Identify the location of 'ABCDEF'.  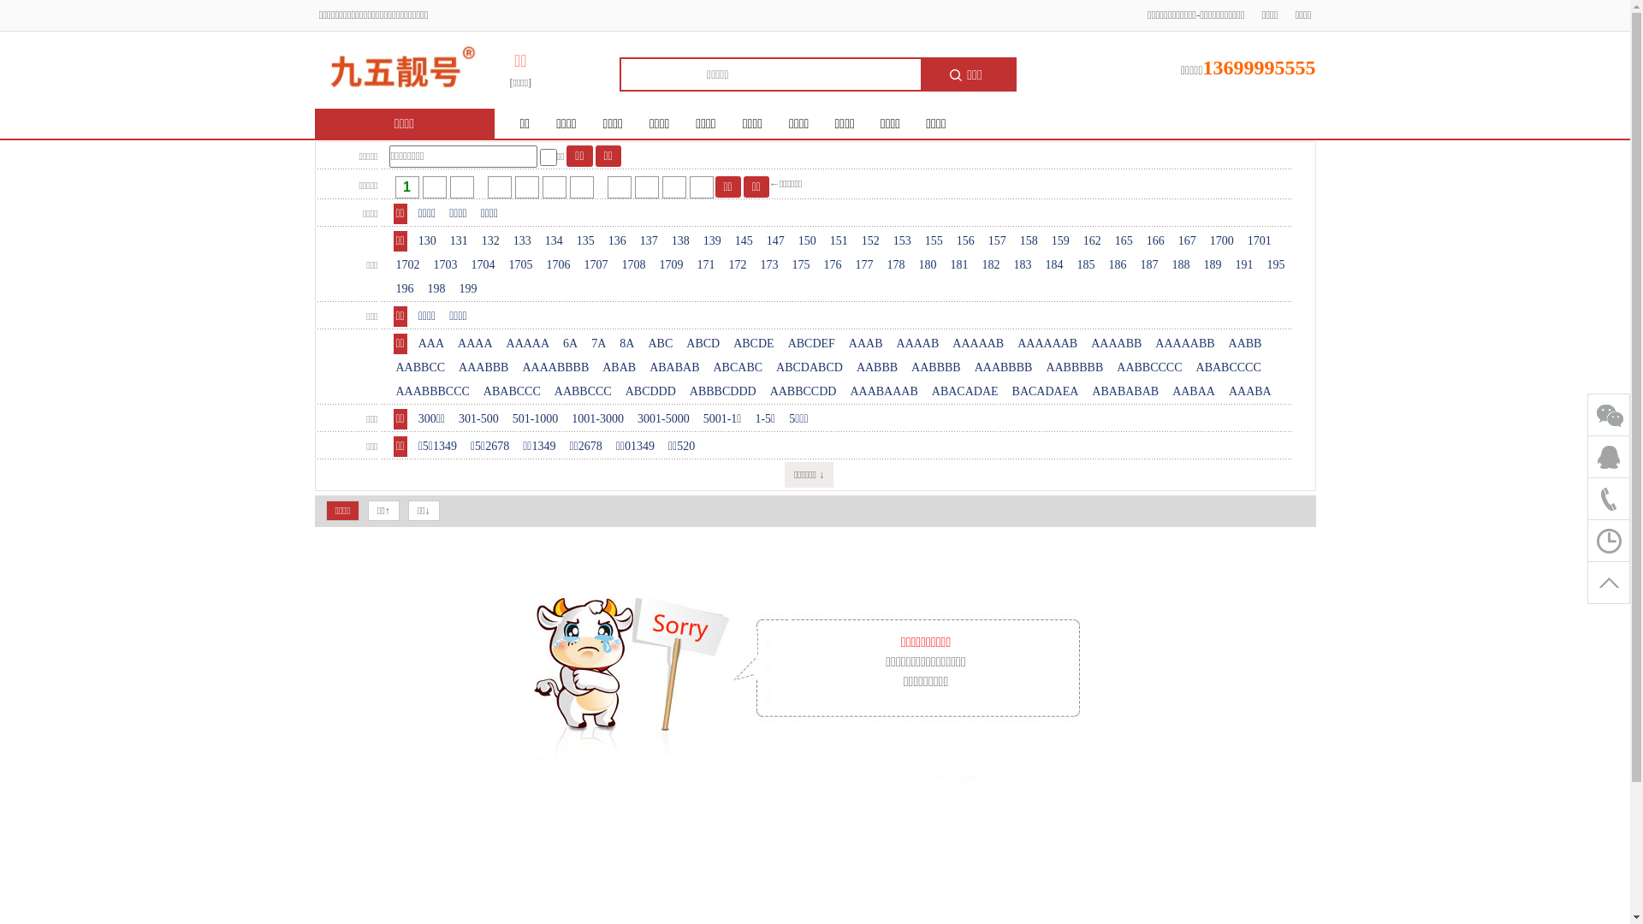
(810, 343).